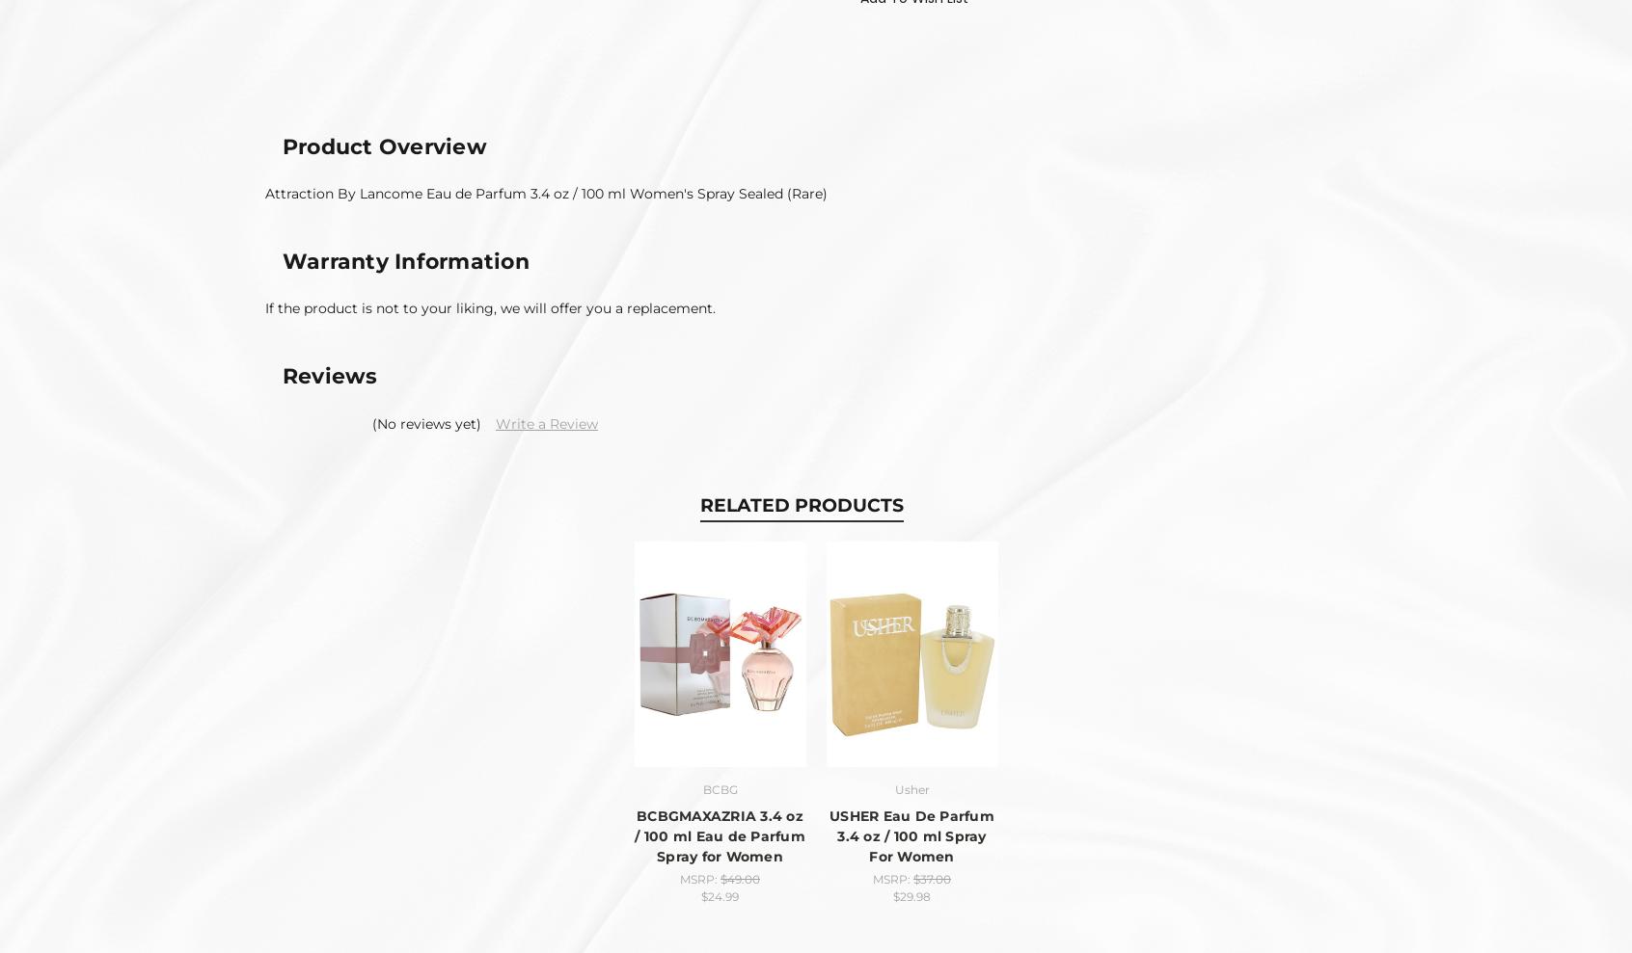 The height and width of the screenshot is (953, 1632). What do you see at coordinates (277, 717) in the screenshot?
I see `'Sitemap'` at bounding box center [277, 717].